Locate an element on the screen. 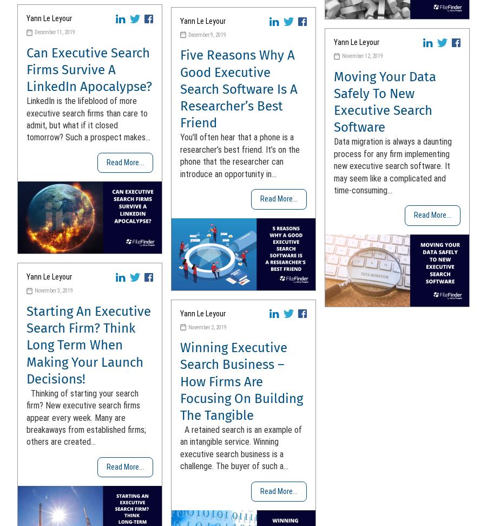 This screenshot has height=526, width=487. 'December 9, 2019' is located at coordinates (207, 34).